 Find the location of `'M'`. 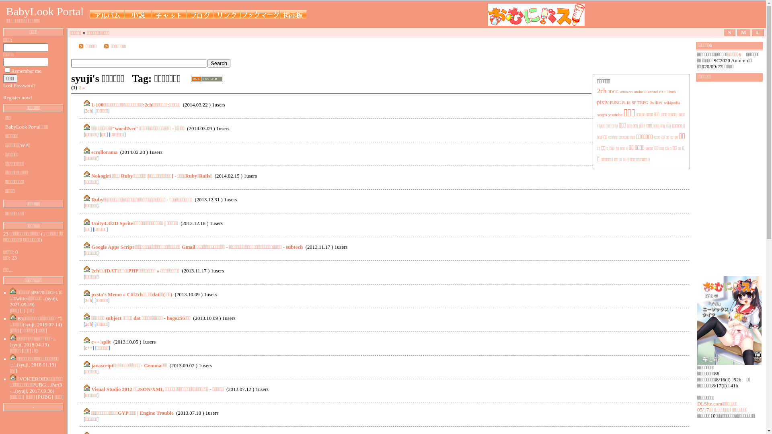

'M' is located at coordinates (743, 32).